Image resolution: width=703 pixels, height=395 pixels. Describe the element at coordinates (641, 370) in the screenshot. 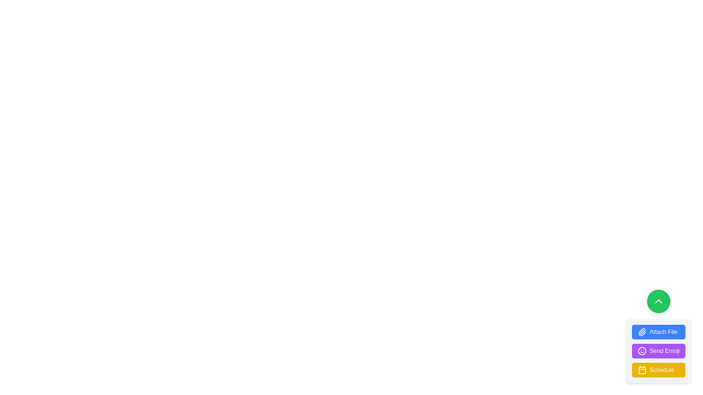

I see `the decorative icon for the 'Schedule' button located at the bottom-right corner of the interface` at that location.